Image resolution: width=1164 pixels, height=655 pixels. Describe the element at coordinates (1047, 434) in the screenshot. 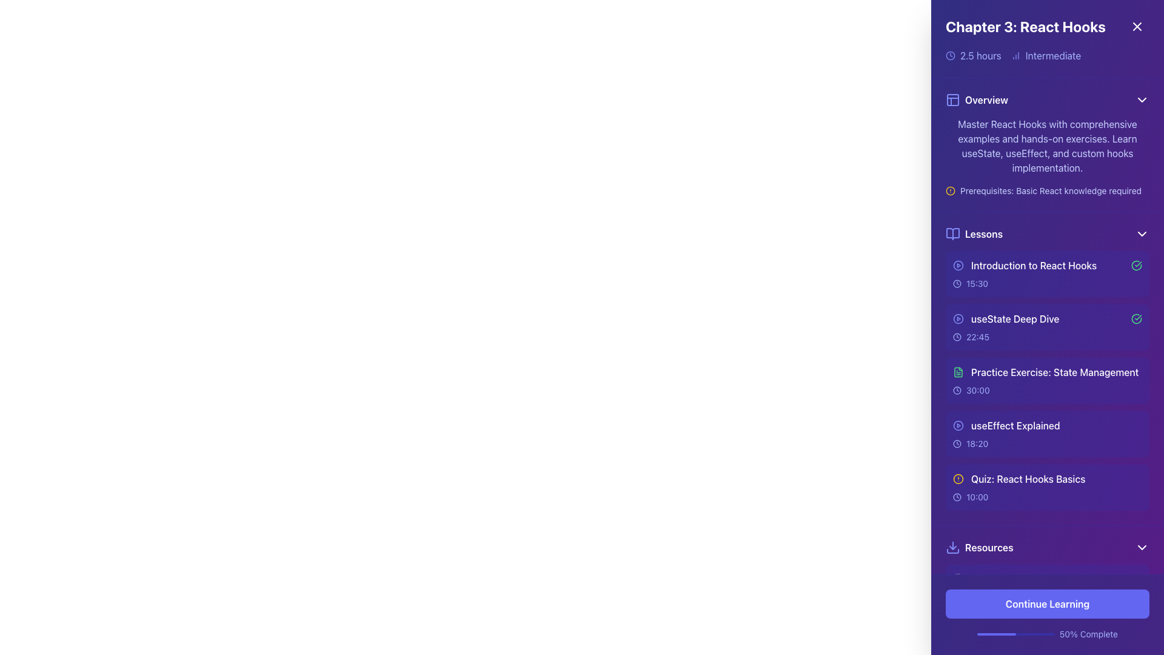

I see `the 'useEffect Explained' lesson item card in the list` at that location.